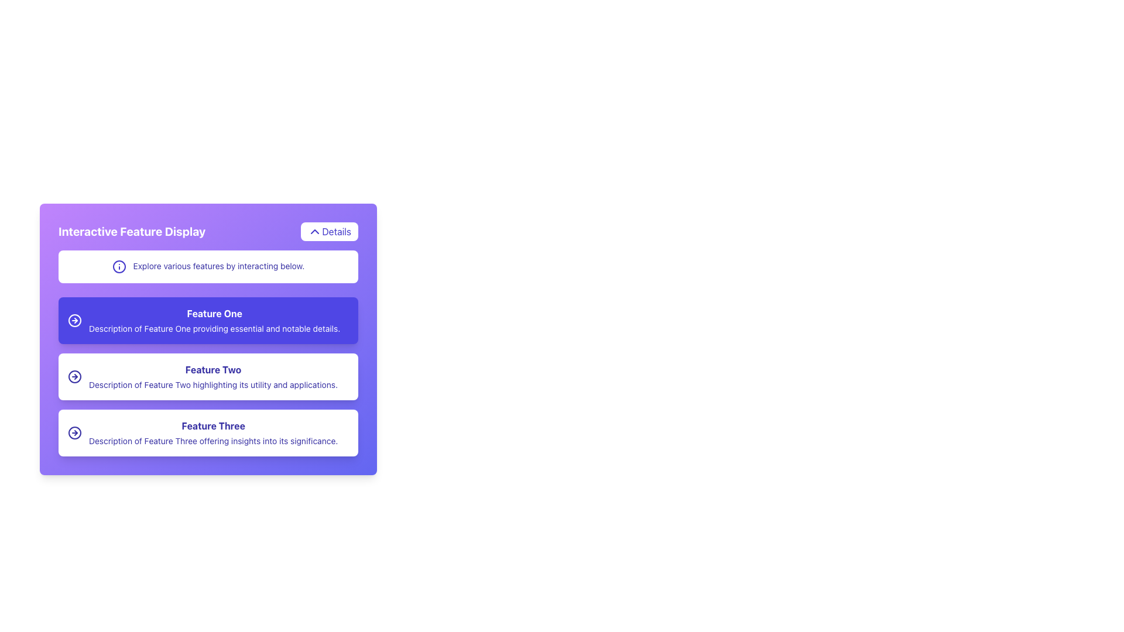 The image size is (1124, 632). I want to click on the 'Feature One' text label which is styled in bold font and displayed on a blue background, located in the first section of a vertically aligned list, so click(214, 313).